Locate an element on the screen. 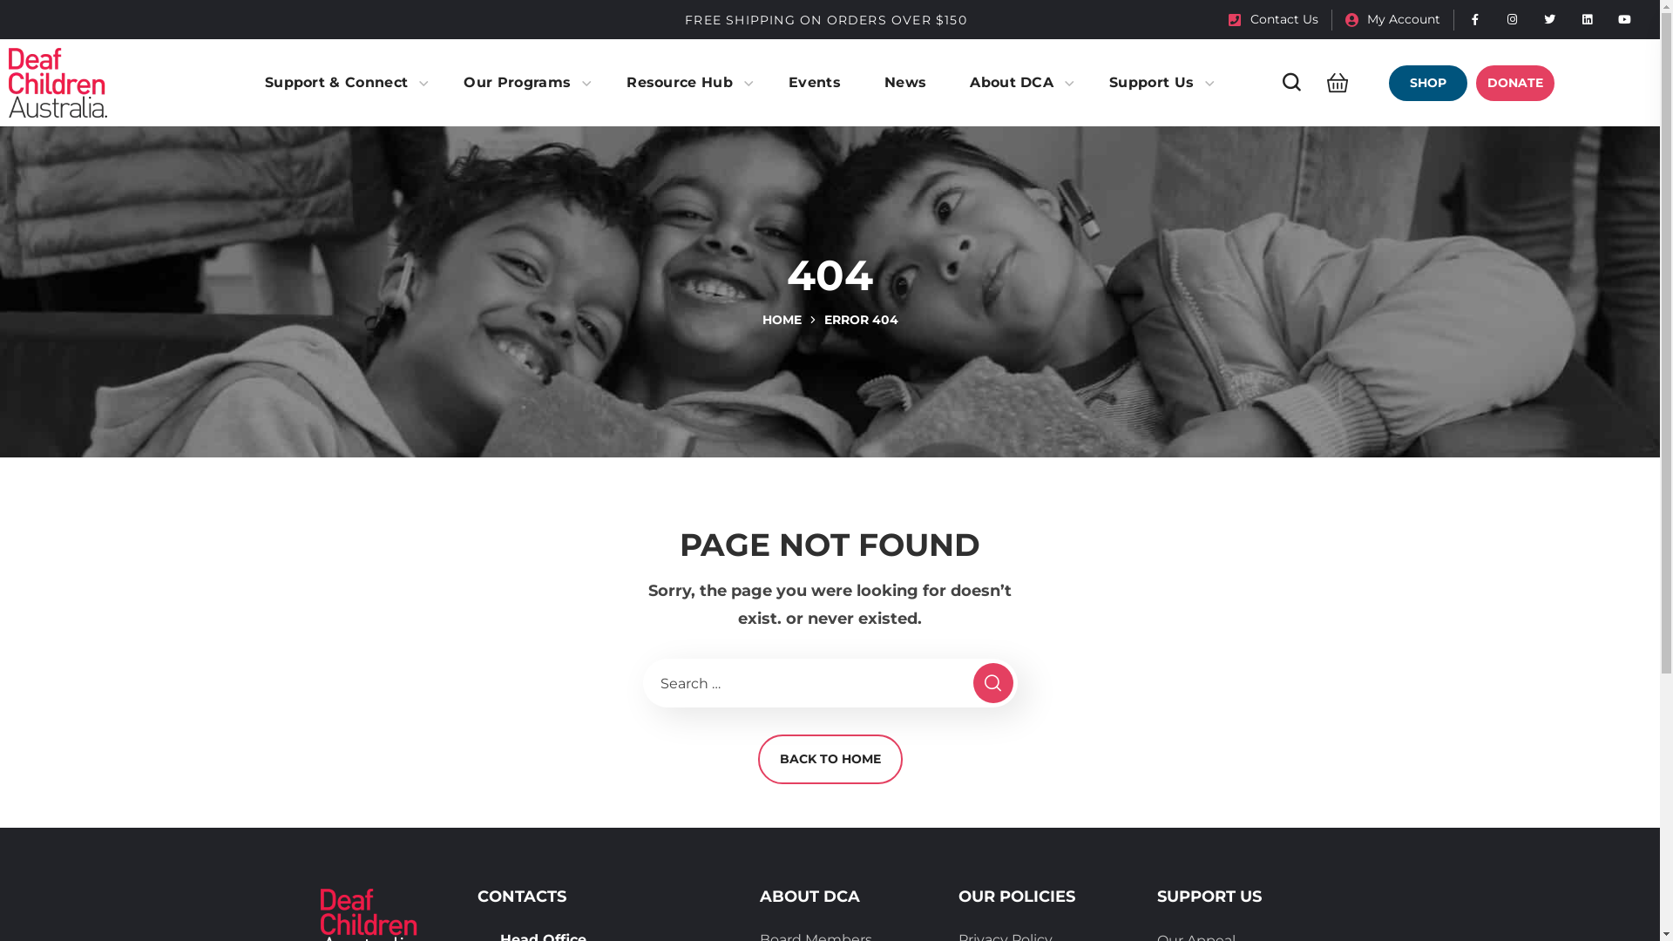 The image size is (1673, 941). 'Click to open Shopping Cart' is located at coordinates (1331, 82).